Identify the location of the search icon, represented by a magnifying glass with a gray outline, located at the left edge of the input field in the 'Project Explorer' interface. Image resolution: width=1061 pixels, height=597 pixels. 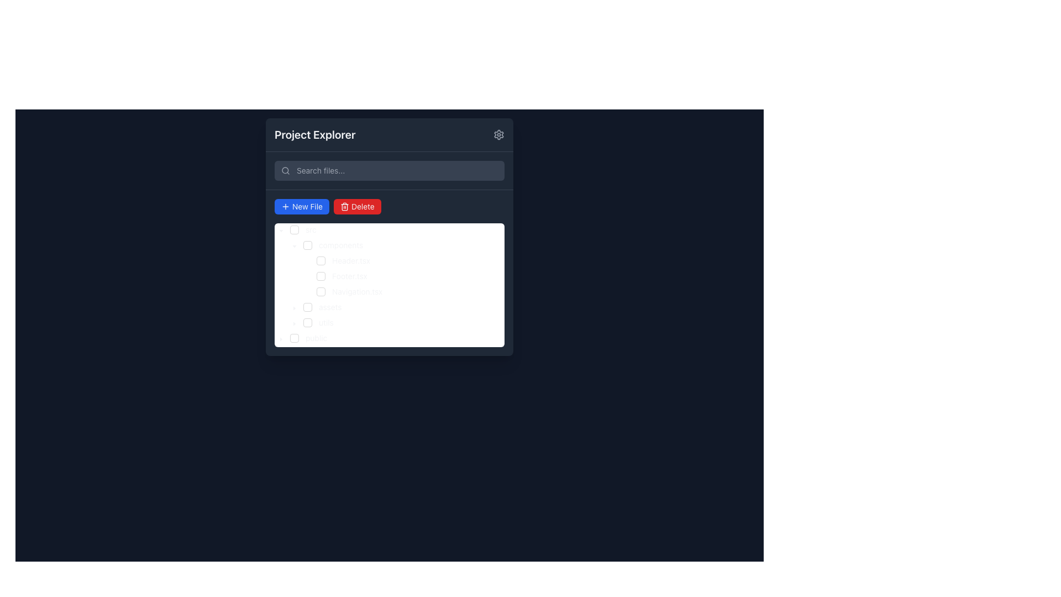
(286, 170).